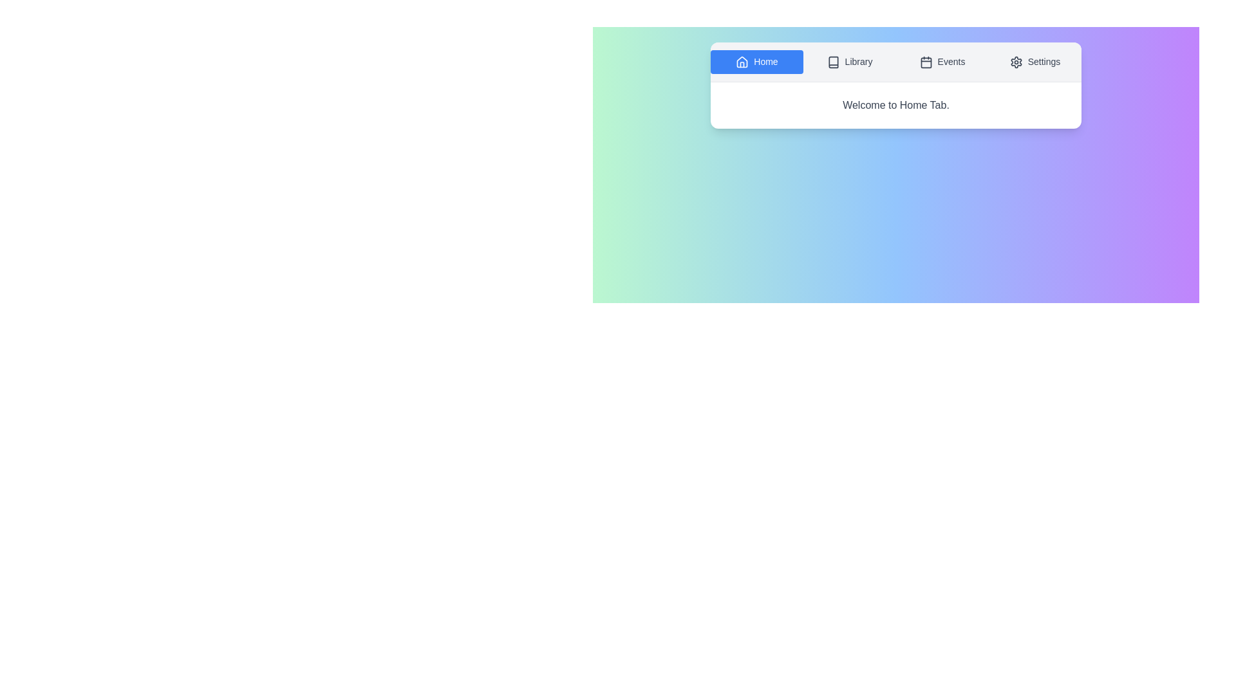  What do you see at coordinates (833, 62) in the screenshot?
I see `the library icon in the navigation bar` at bounding box center [833, 62].